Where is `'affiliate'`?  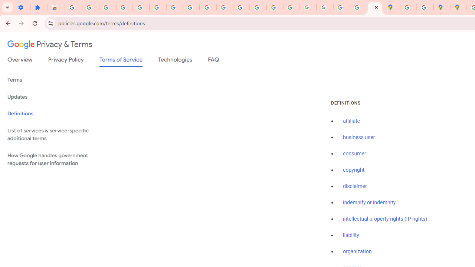 'affiliate' is located at coordinates (351, 121).